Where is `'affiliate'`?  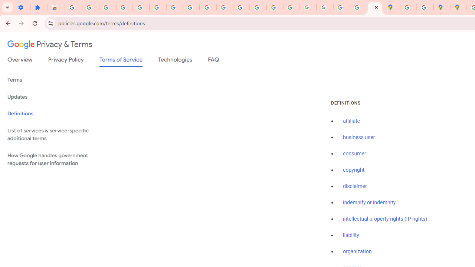 'affiliate' is located at coordinates (351, 121).